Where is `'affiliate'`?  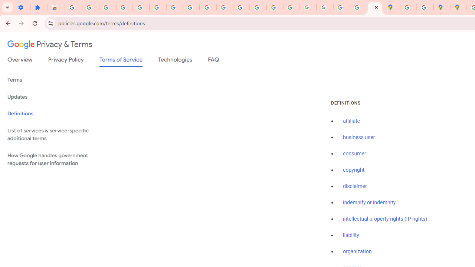 'affiliate' is located at coordinates (351, 121).